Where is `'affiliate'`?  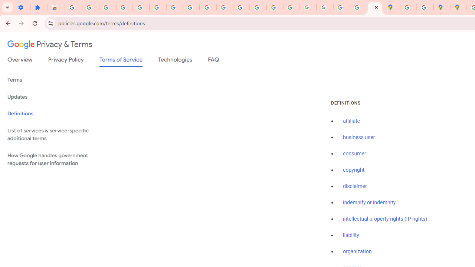 'affiliate' is located at coordinates (351, 121).